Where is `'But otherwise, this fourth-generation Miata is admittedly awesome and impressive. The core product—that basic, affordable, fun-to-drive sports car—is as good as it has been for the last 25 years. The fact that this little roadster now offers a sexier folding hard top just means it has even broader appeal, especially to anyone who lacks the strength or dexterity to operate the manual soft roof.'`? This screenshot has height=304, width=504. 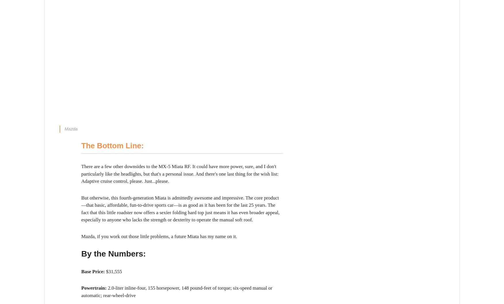
'But otherwise, this fourth-generation Miata is admittedly awesome and impressive. The core product—that basic, affordable, fun-to-drive sports car—is as good as it has been for the last 25 years. The fact that this little roadster now offers a sexier folding hard top just means it has even broader appeal, especially to anyone who lacks the strength or dexterity to operate the manual soft roof.' is located at coordinates (180, 209).